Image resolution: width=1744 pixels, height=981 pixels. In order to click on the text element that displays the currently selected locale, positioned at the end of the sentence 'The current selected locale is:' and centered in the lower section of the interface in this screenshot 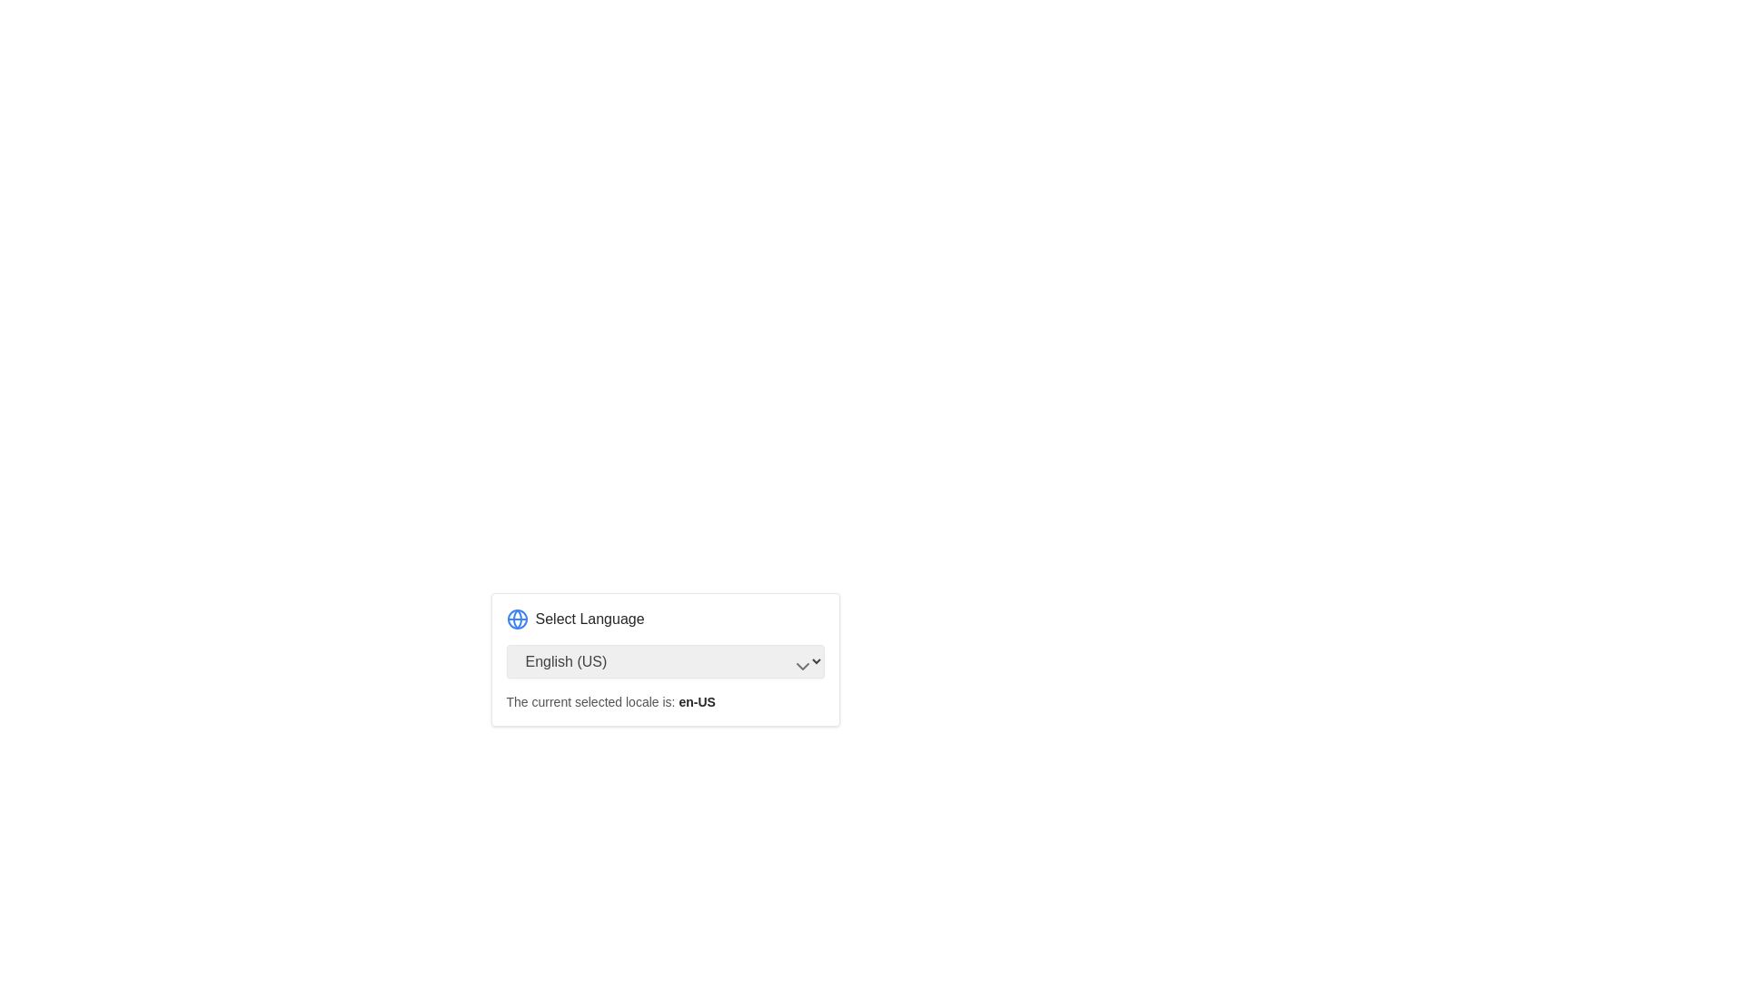, I will do `click(696, 700)`.